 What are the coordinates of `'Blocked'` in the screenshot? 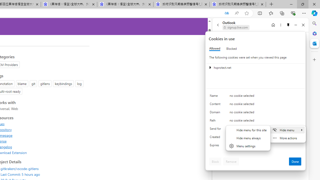 It's located at (231, 48).